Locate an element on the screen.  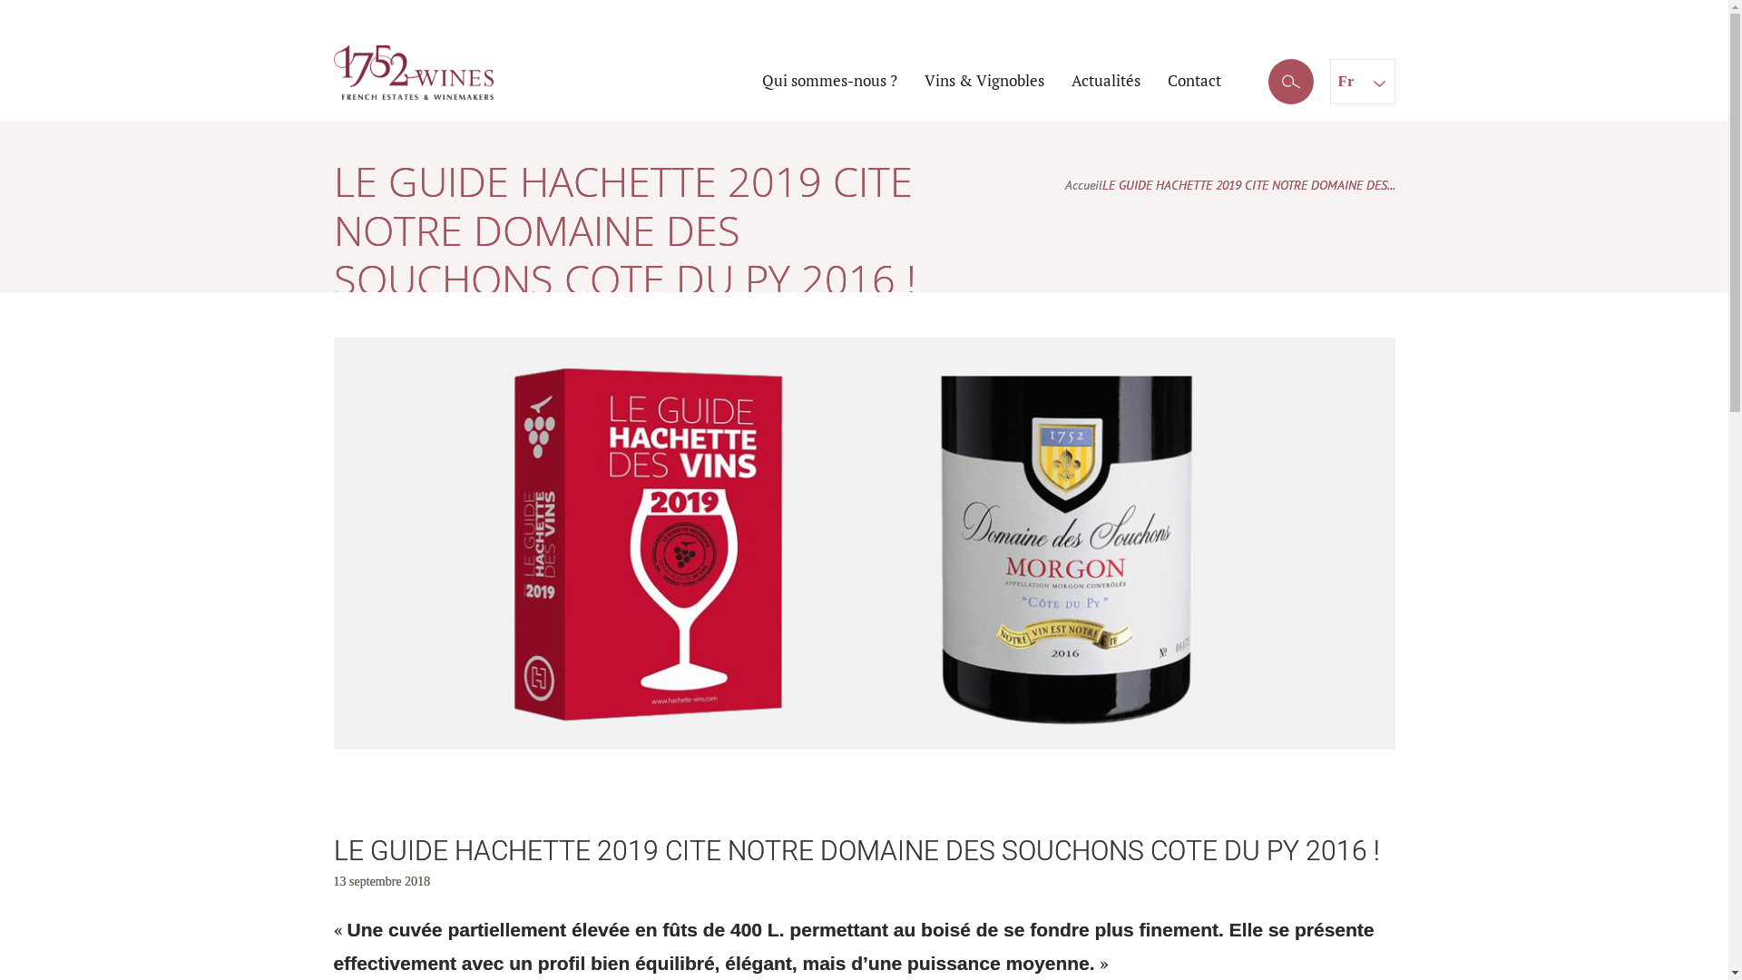
'Fr' is located at coordinates (1362, 79).